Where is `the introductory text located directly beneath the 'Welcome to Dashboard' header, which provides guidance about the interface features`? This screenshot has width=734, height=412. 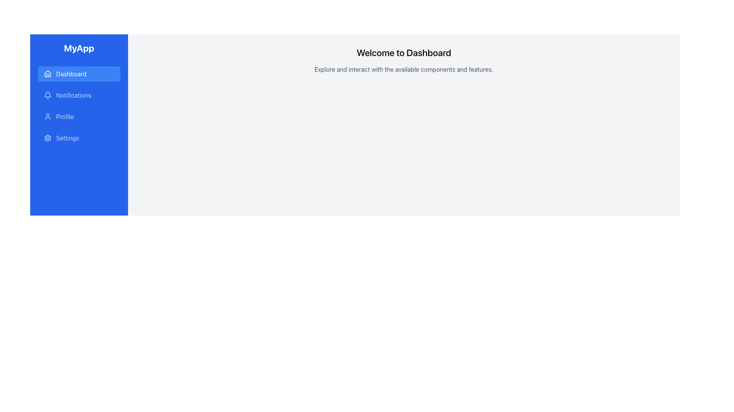 the introductory text located directly beneath the 'Welcome to Dashboard' header, which provides guidance about the interface features is located at coordinates (403, 69).